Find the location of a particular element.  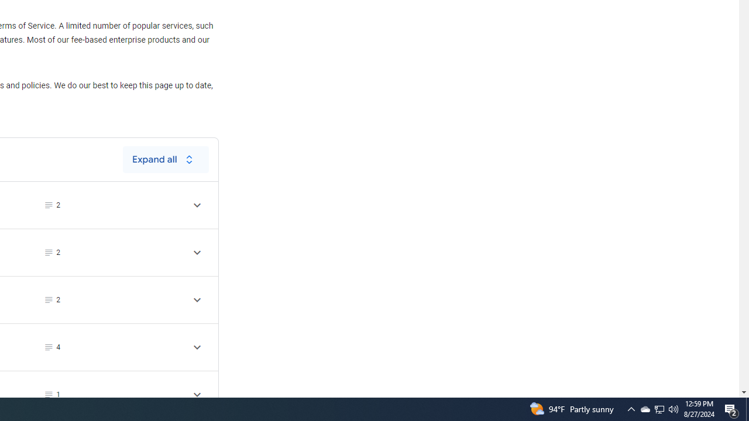

'Expand all' is located at coordinates (165, 159).